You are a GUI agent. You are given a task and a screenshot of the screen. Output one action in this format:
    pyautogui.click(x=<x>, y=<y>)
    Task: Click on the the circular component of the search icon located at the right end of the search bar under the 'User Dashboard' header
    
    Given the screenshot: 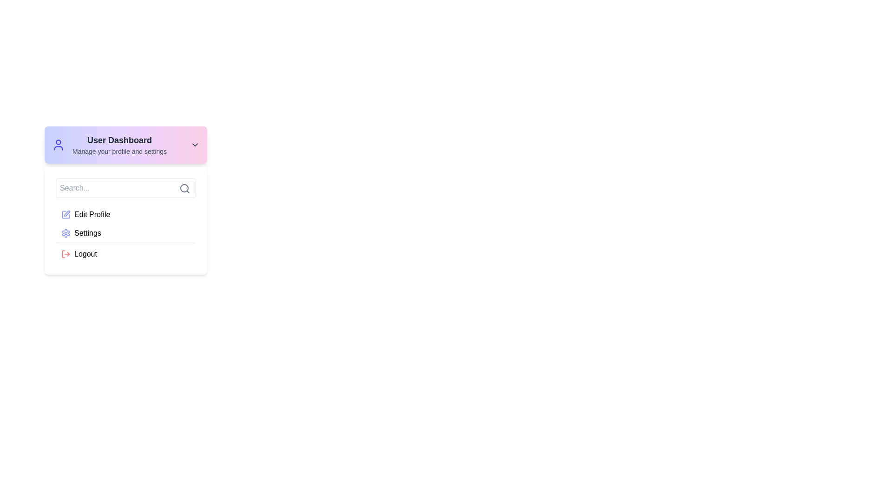 What is the action you would take?
    pyautogui.click(x=184, y=188)
    